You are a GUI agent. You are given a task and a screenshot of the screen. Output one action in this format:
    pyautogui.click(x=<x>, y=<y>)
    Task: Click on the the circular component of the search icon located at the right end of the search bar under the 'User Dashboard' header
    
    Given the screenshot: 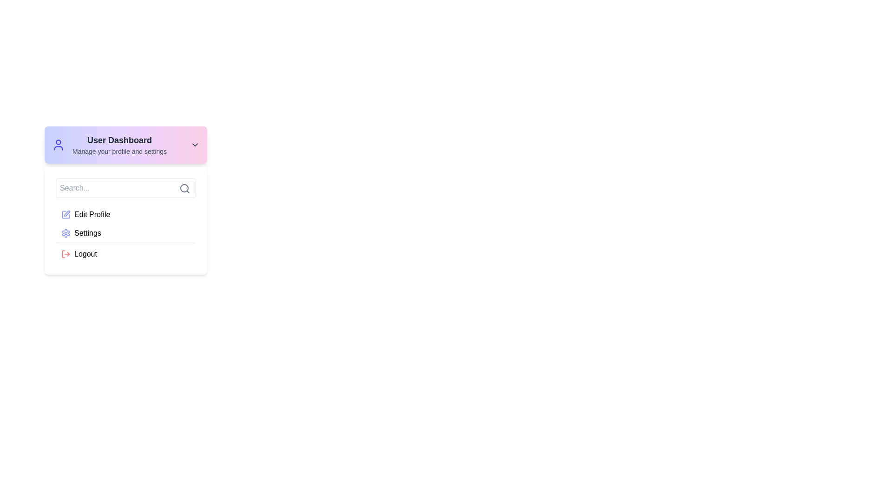 What is the action you would take?
    pyautogui.click(x=184, y=188)
    